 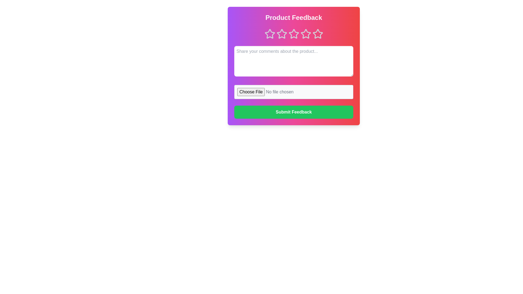 What do you see at coordinates (306, 34) in the screenshot?
I see `the third star icon` at bounding box center [306, 34].